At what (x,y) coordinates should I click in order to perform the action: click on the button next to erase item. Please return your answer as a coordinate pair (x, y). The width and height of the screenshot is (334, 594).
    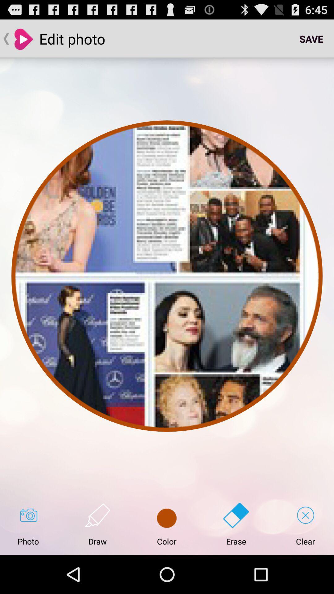
    Looking at the image, I should click on (166, 524).